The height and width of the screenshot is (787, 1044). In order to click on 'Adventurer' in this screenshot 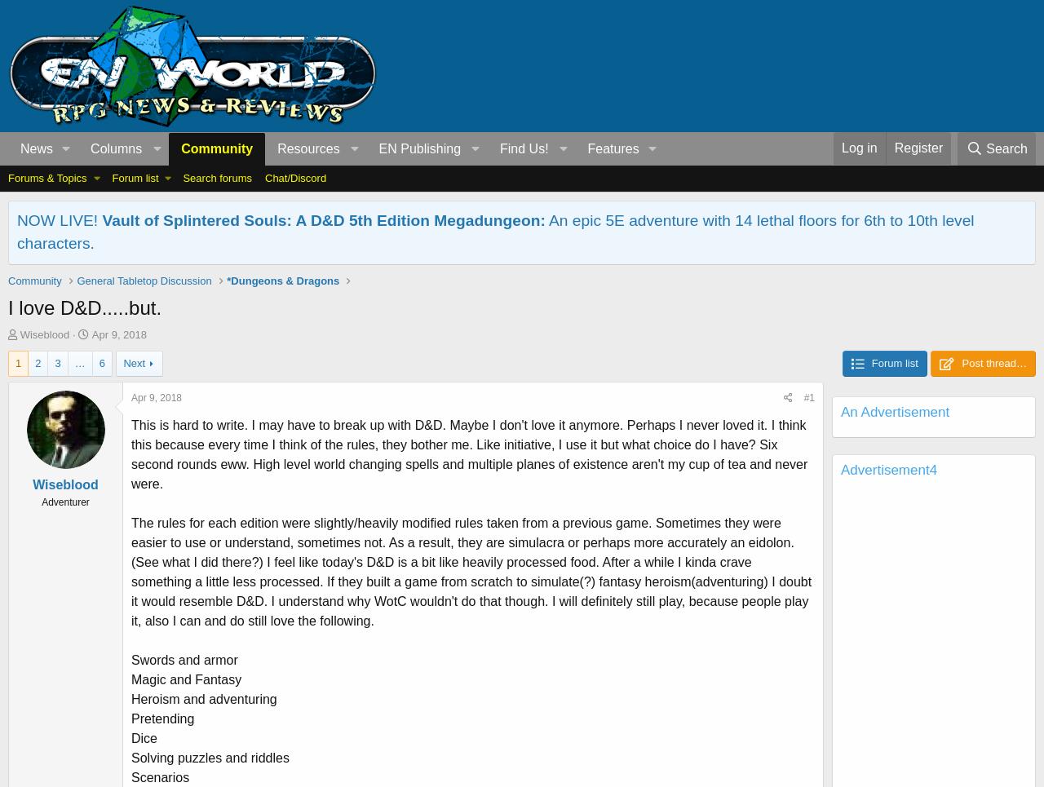, I will do `click(65, 500)`.